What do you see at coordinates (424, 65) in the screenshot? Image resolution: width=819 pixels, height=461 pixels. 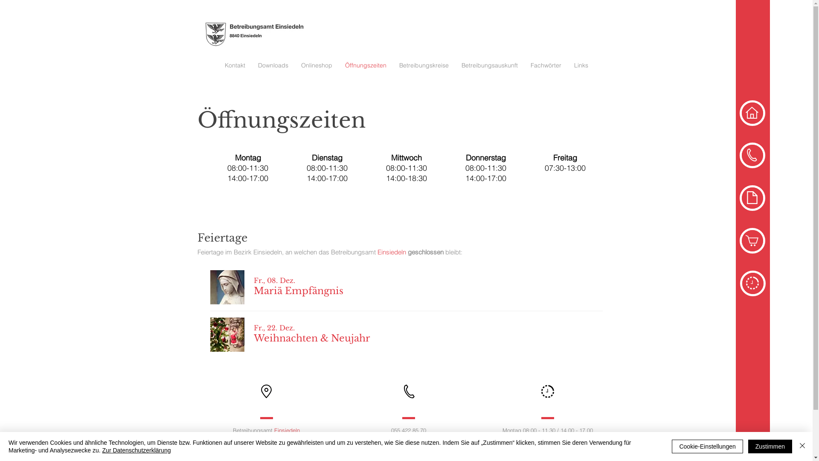 I see `'Betreibungskreise'` at bounding box center [424, 65].